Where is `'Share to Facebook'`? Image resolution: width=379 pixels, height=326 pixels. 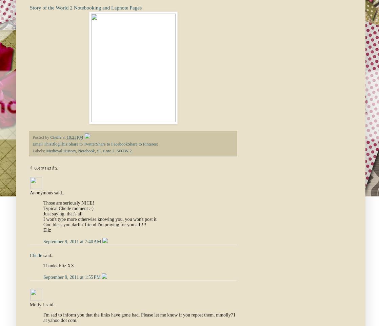 'Share to Facebook' is located at coordinates (111, 143).